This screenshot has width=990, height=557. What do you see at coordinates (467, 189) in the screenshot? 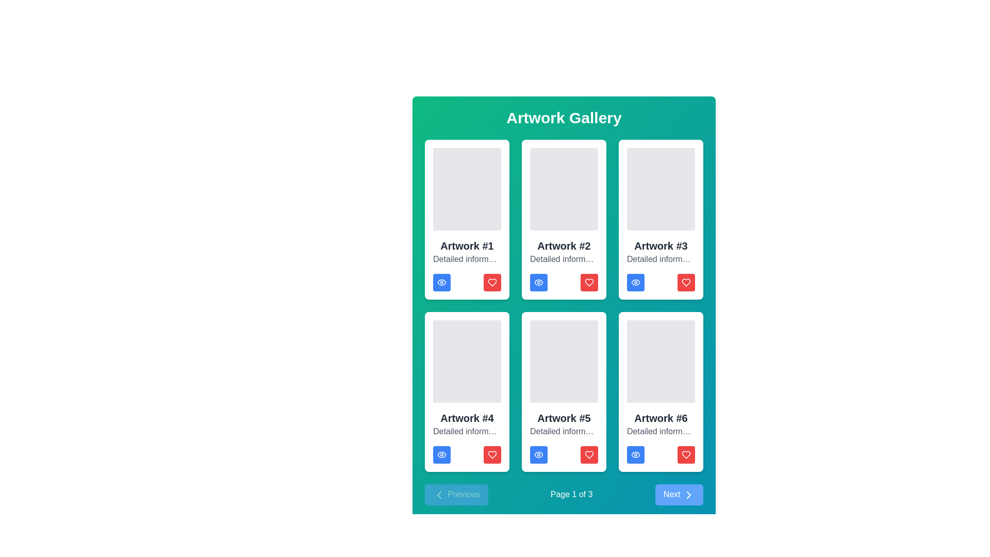
I see `the topmost rectangular placeholder area for visual content in the card titled 'Artwork #1'` at bounding box center [467, 189].